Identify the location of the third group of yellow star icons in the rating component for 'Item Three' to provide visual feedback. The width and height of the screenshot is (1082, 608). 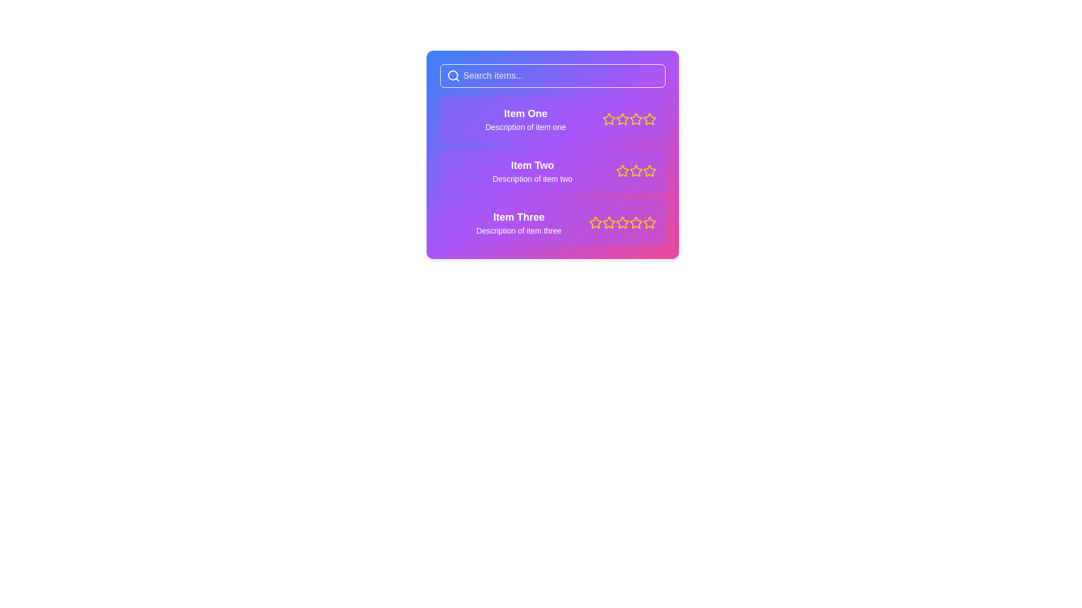
(622, 223).